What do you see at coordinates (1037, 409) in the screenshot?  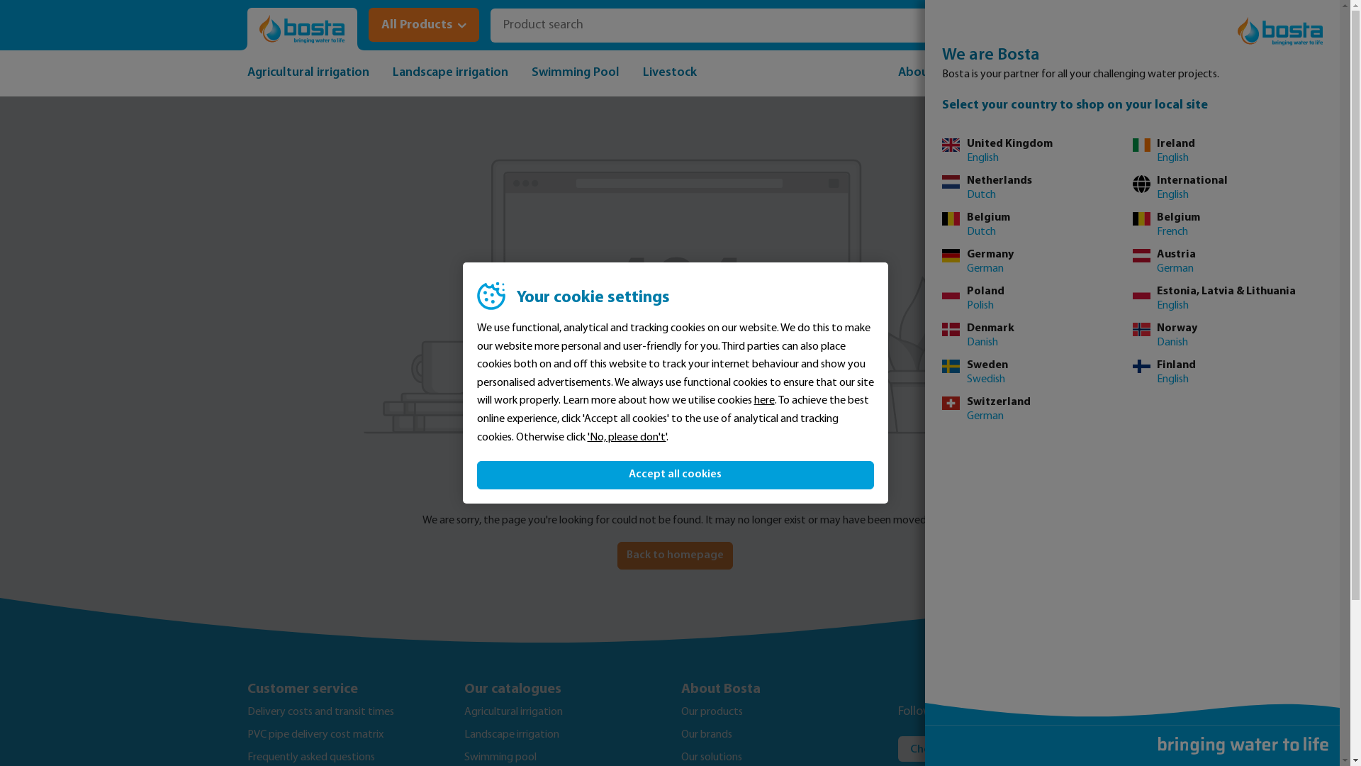 I see `'Switzerland` at bounding box center [1037, 409].